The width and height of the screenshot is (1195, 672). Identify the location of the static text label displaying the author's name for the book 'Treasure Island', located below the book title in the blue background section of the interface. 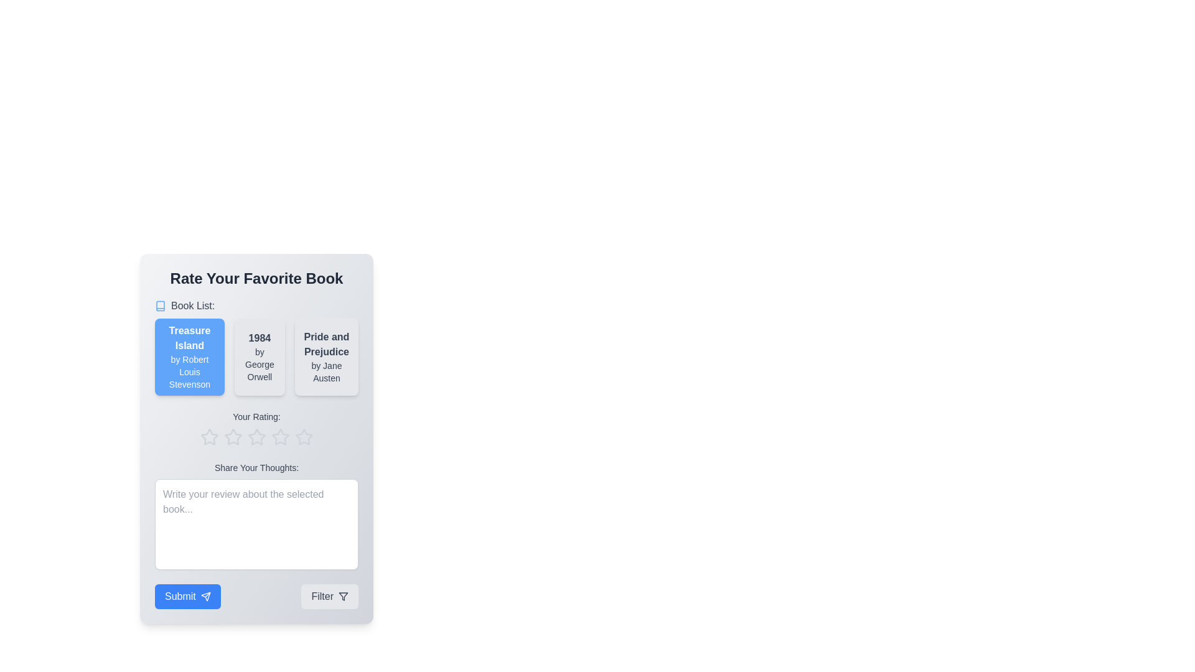
(189, 371).